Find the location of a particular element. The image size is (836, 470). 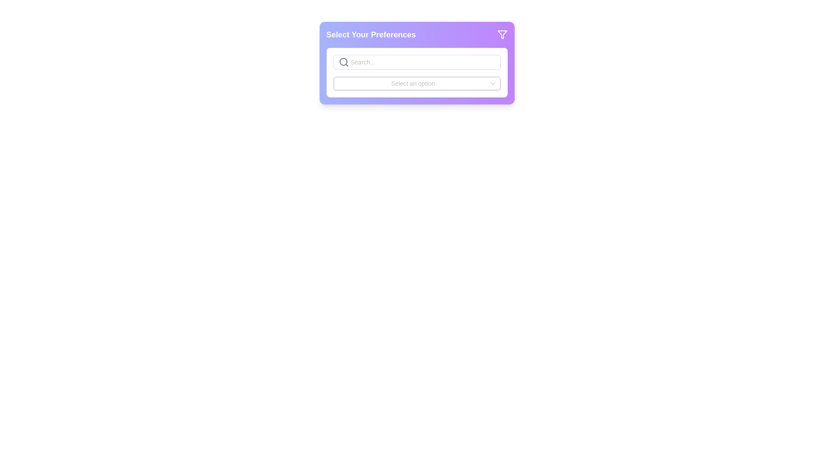

the dropdown menu with the placeholder text 'Select an option' located at the center-top of the interface, below the search bar is located at coordinates (416, 84).